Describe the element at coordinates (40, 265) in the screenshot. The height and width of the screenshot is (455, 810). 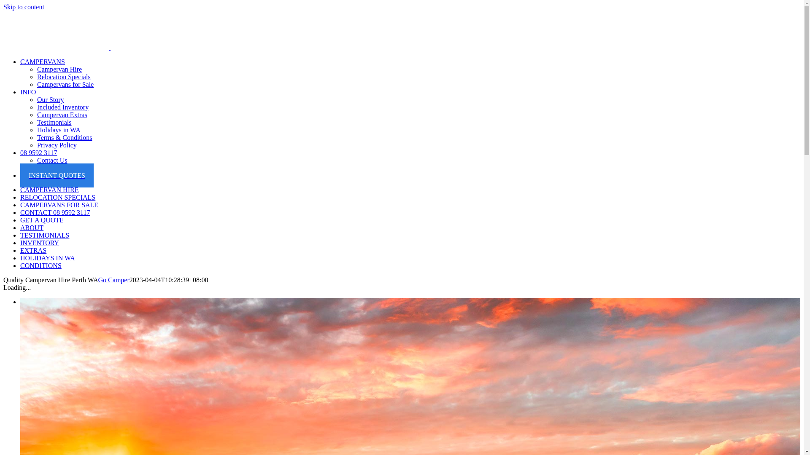
I see `'CONDITIONS'` at that location.